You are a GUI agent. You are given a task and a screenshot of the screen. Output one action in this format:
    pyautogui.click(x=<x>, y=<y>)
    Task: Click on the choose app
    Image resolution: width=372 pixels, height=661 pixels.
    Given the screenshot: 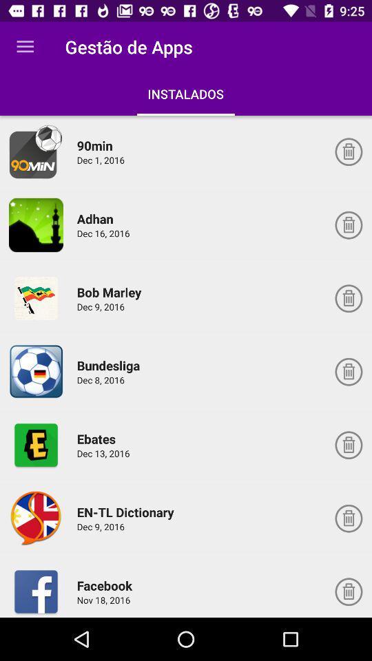 What is the action you would take?
    pyautogui.click(x=36, y=151)
    